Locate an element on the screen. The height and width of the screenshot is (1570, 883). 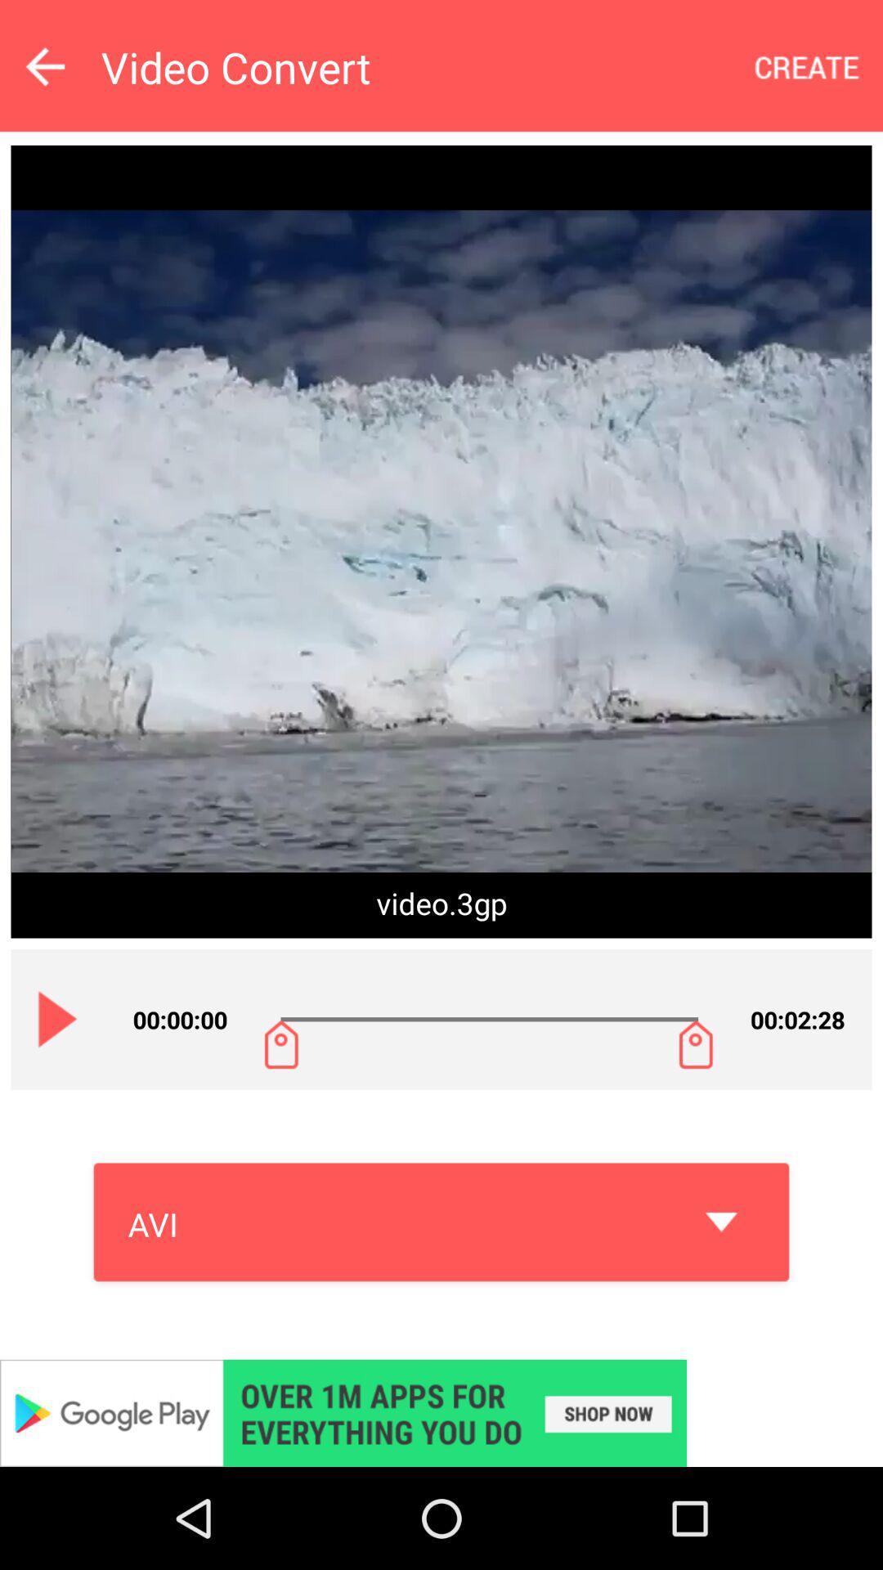
go back is located at coordinates (44, 65).